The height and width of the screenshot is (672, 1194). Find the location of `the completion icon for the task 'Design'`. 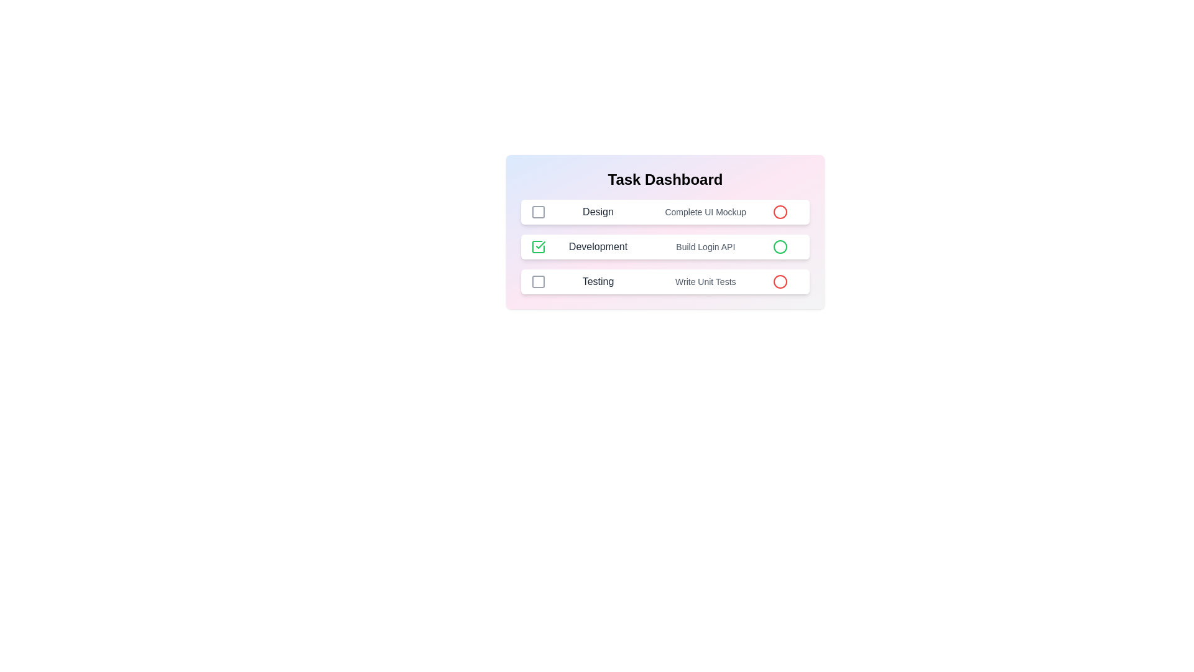

the completion icon for the task 'Design' is located at coordinates (538, 211).